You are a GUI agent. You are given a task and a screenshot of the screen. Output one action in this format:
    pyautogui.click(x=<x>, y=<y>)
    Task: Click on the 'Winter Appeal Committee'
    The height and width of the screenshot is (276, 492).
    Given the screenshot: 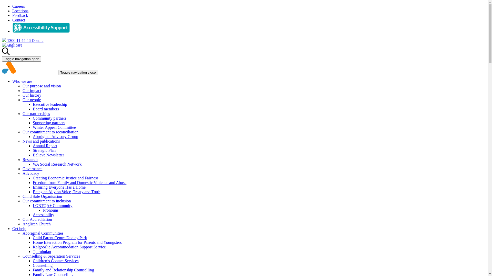 What is the action you would take?
    pyautogui.click(x=54, y=127)
    